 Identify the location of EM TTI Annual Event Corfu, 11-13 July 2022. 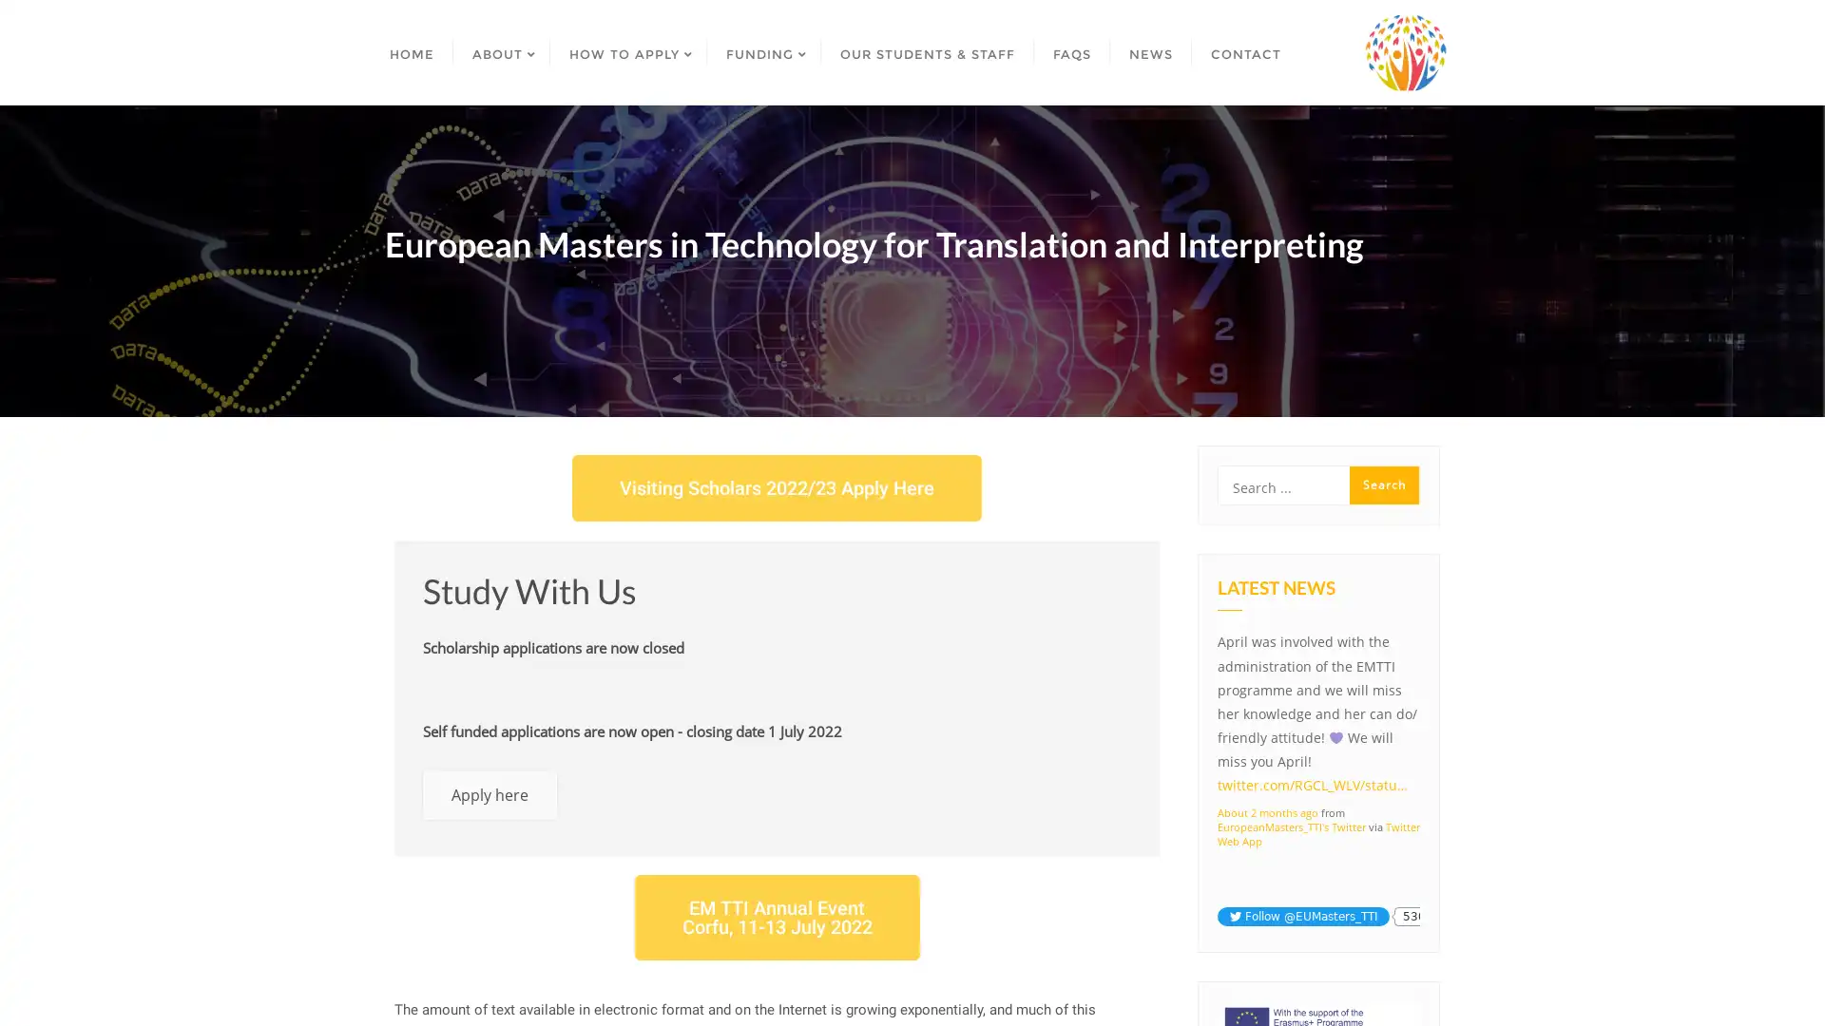
(776, 916).